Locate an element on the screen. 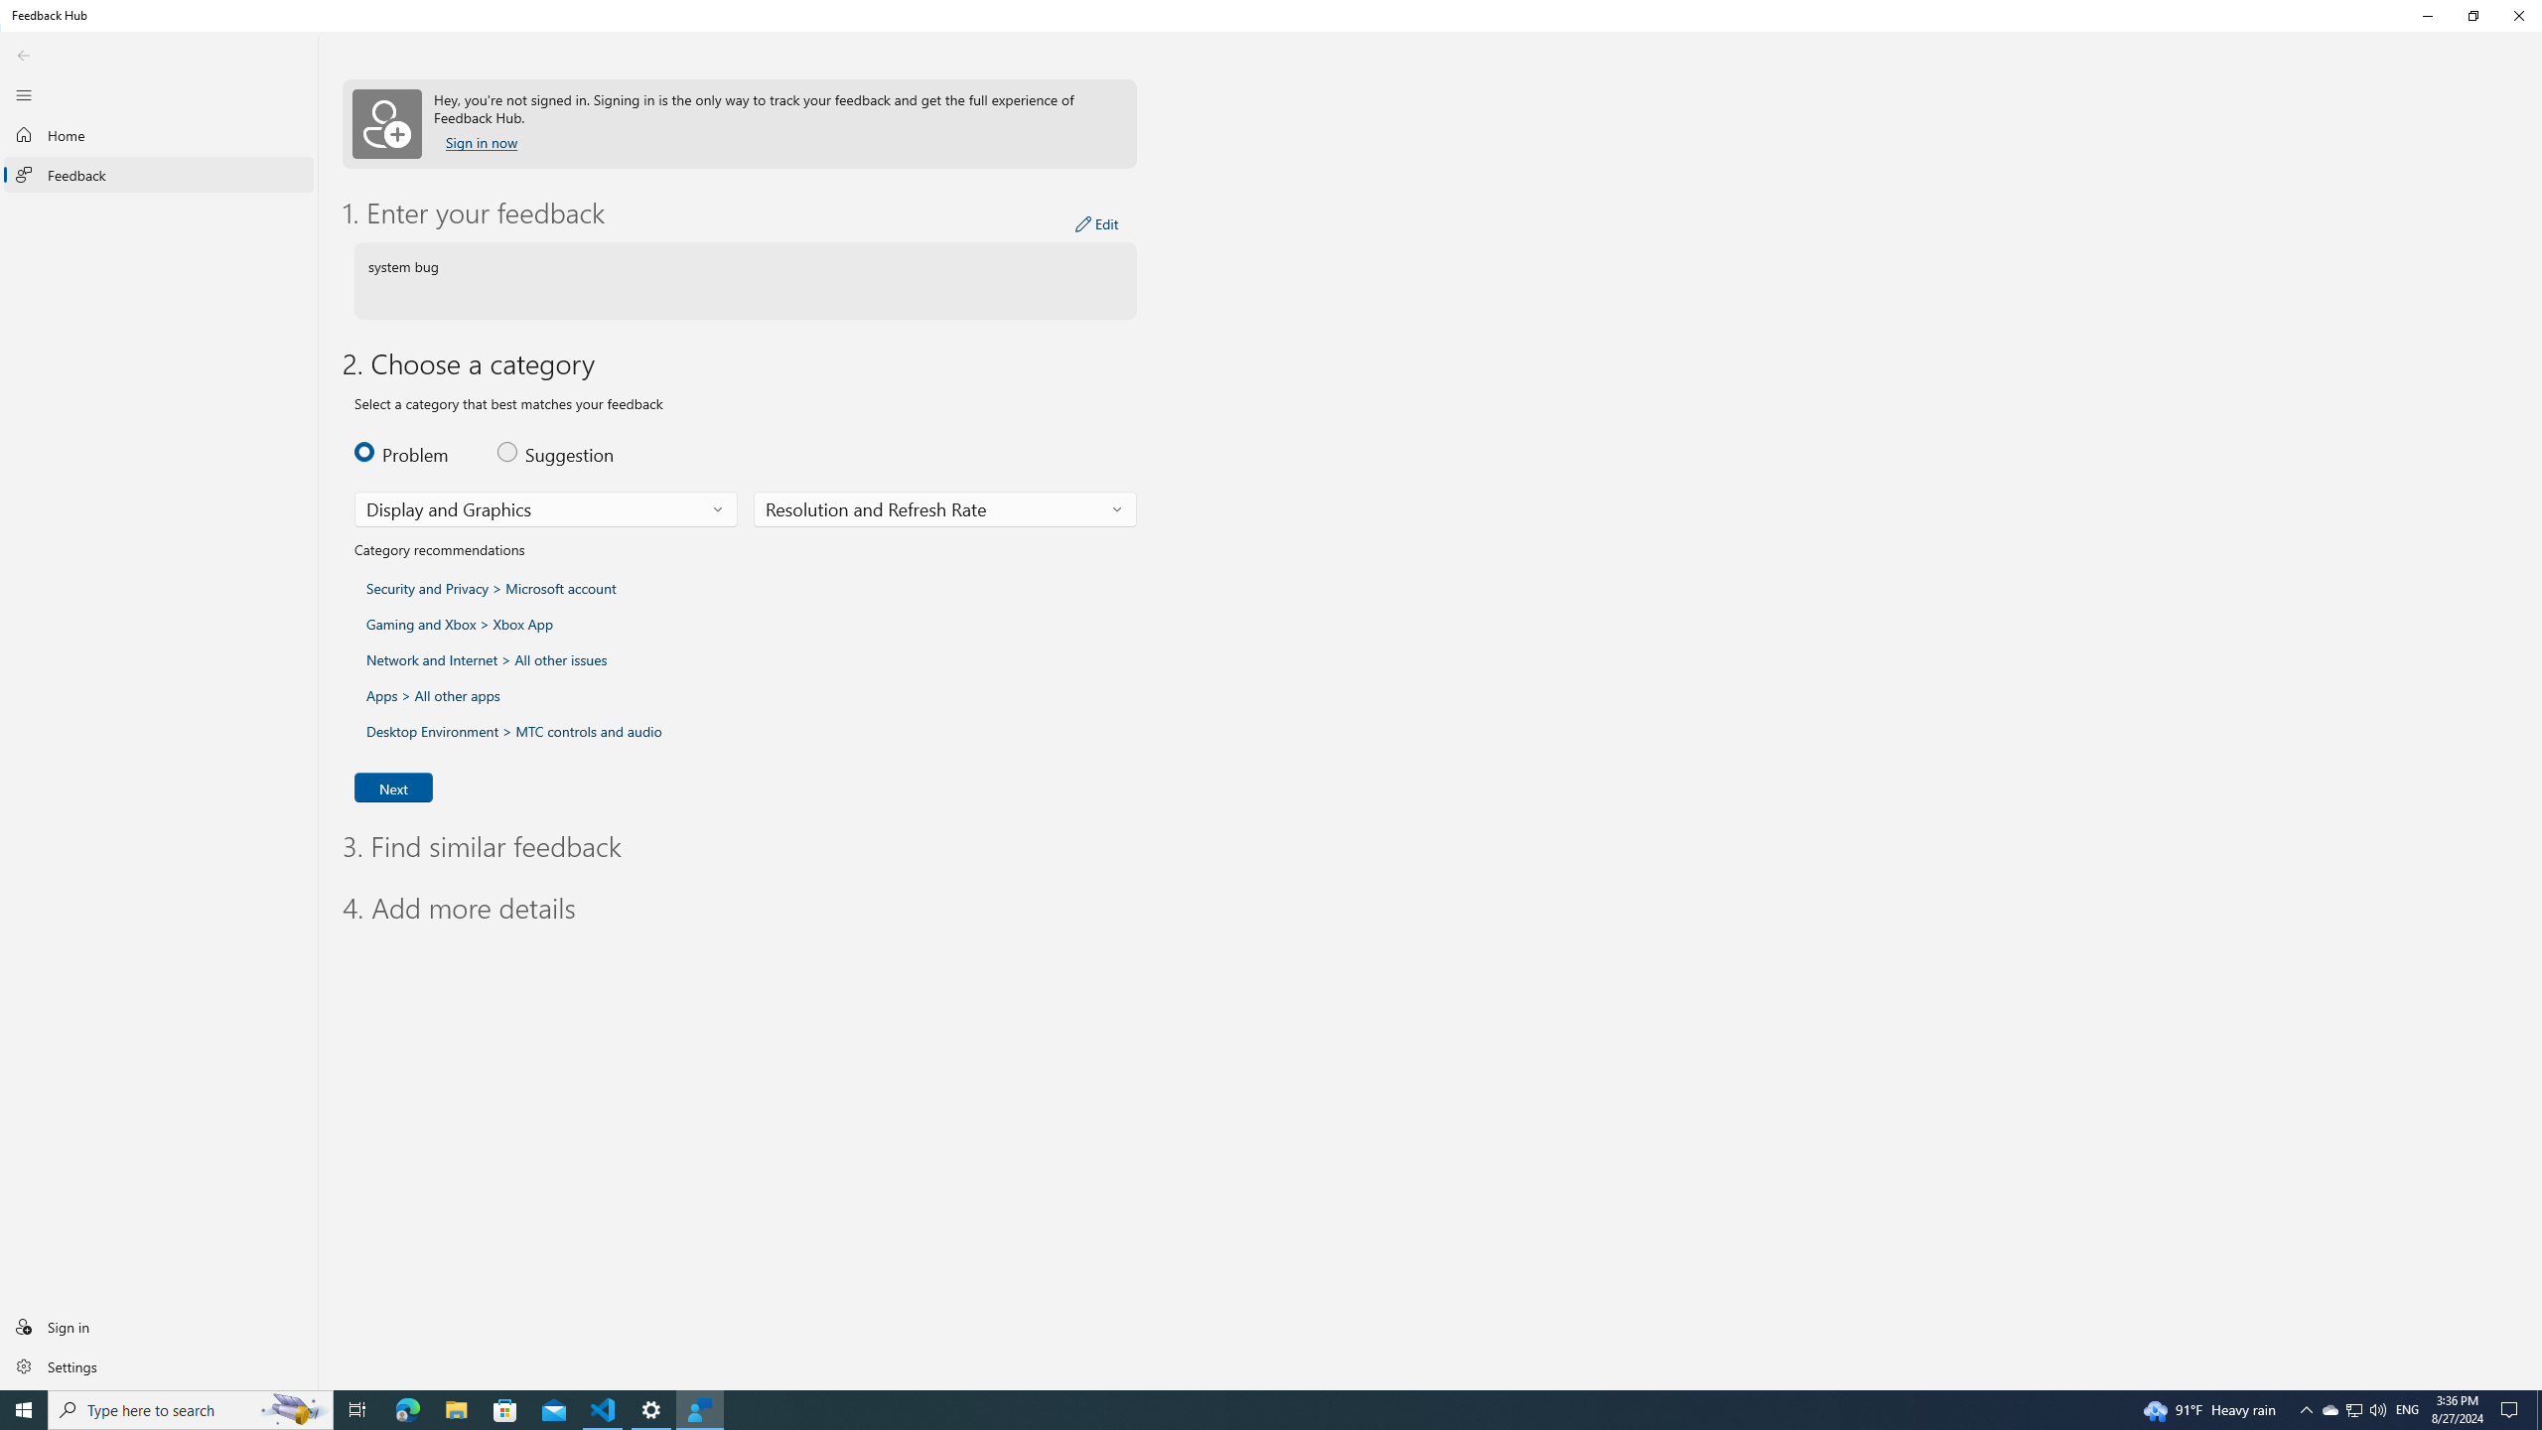 This screenshot has width=2542, height=1430. 'Feedback type, Suggestion' is located at coordinates (556, 452).